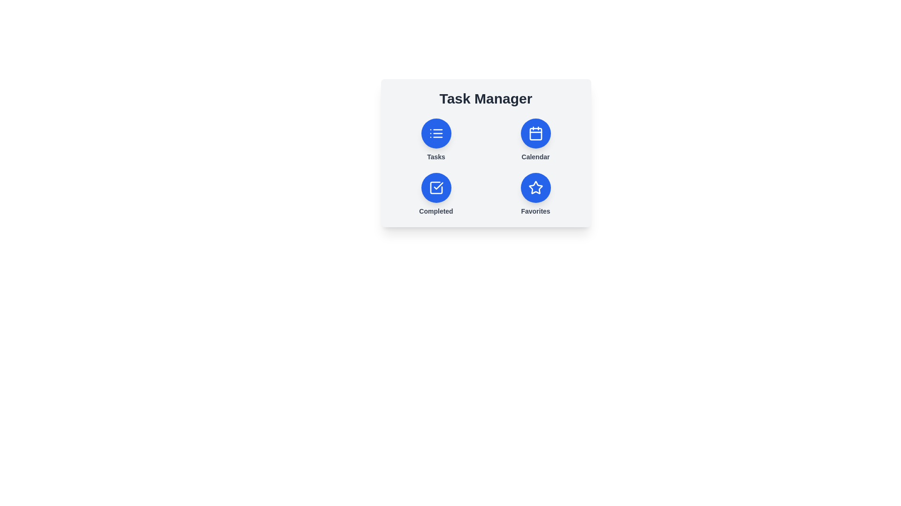  What do you see at coordinates (435, 140) in the screenshot?
I see `to select or activate the 'Tasks' feature represented by the circular blue icon with a white list-like design and the label 'Tasks' beneath it, positioned in the top left of the grid layout` at bounding box center [435, 140].